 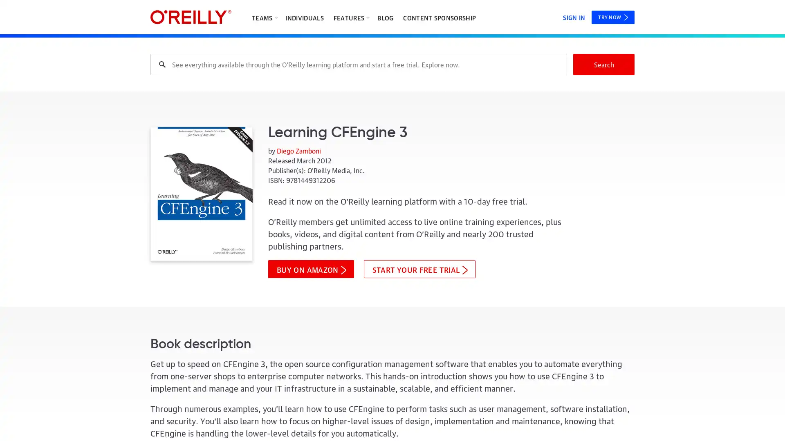 I want to click on Search, so click(x=604, y=64).